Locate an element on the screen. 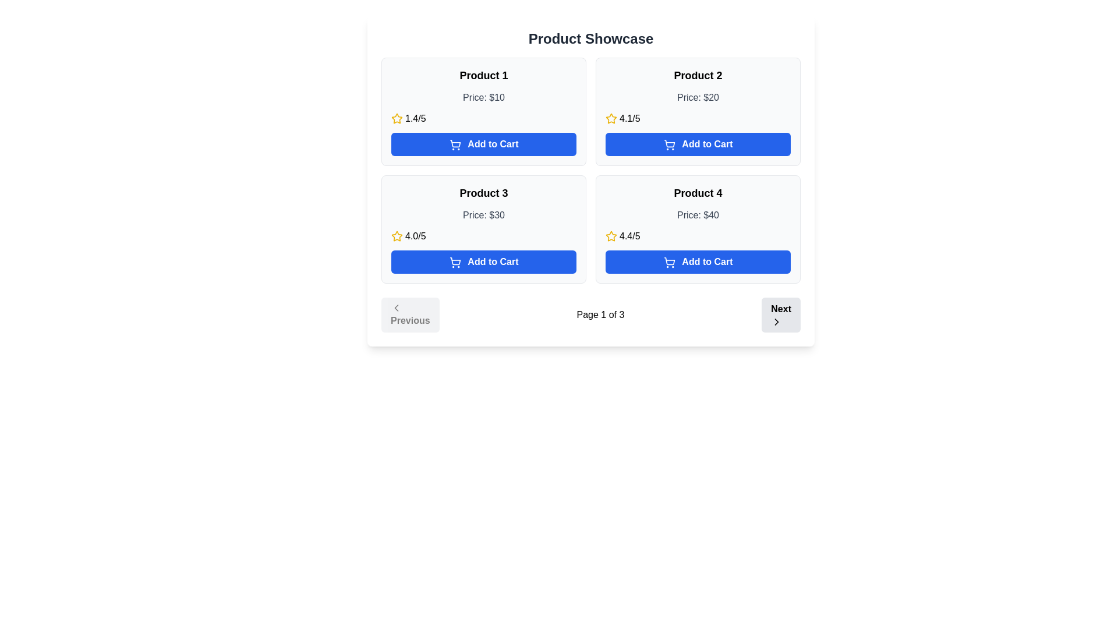 The image size is (1118, 629). the text element displaying 'Product 4', which is a bold heading located in the bottom-right corner of the grid layout containing product cards is located at coordinates (698, 192).